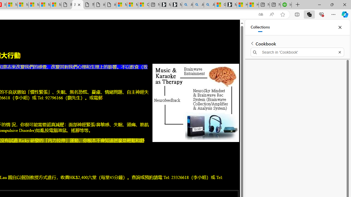  Describe the element at coordinates (286, 5) in the screenshot. I see `'Intuit QuickBooks Online - Quickbooks'` at that location.